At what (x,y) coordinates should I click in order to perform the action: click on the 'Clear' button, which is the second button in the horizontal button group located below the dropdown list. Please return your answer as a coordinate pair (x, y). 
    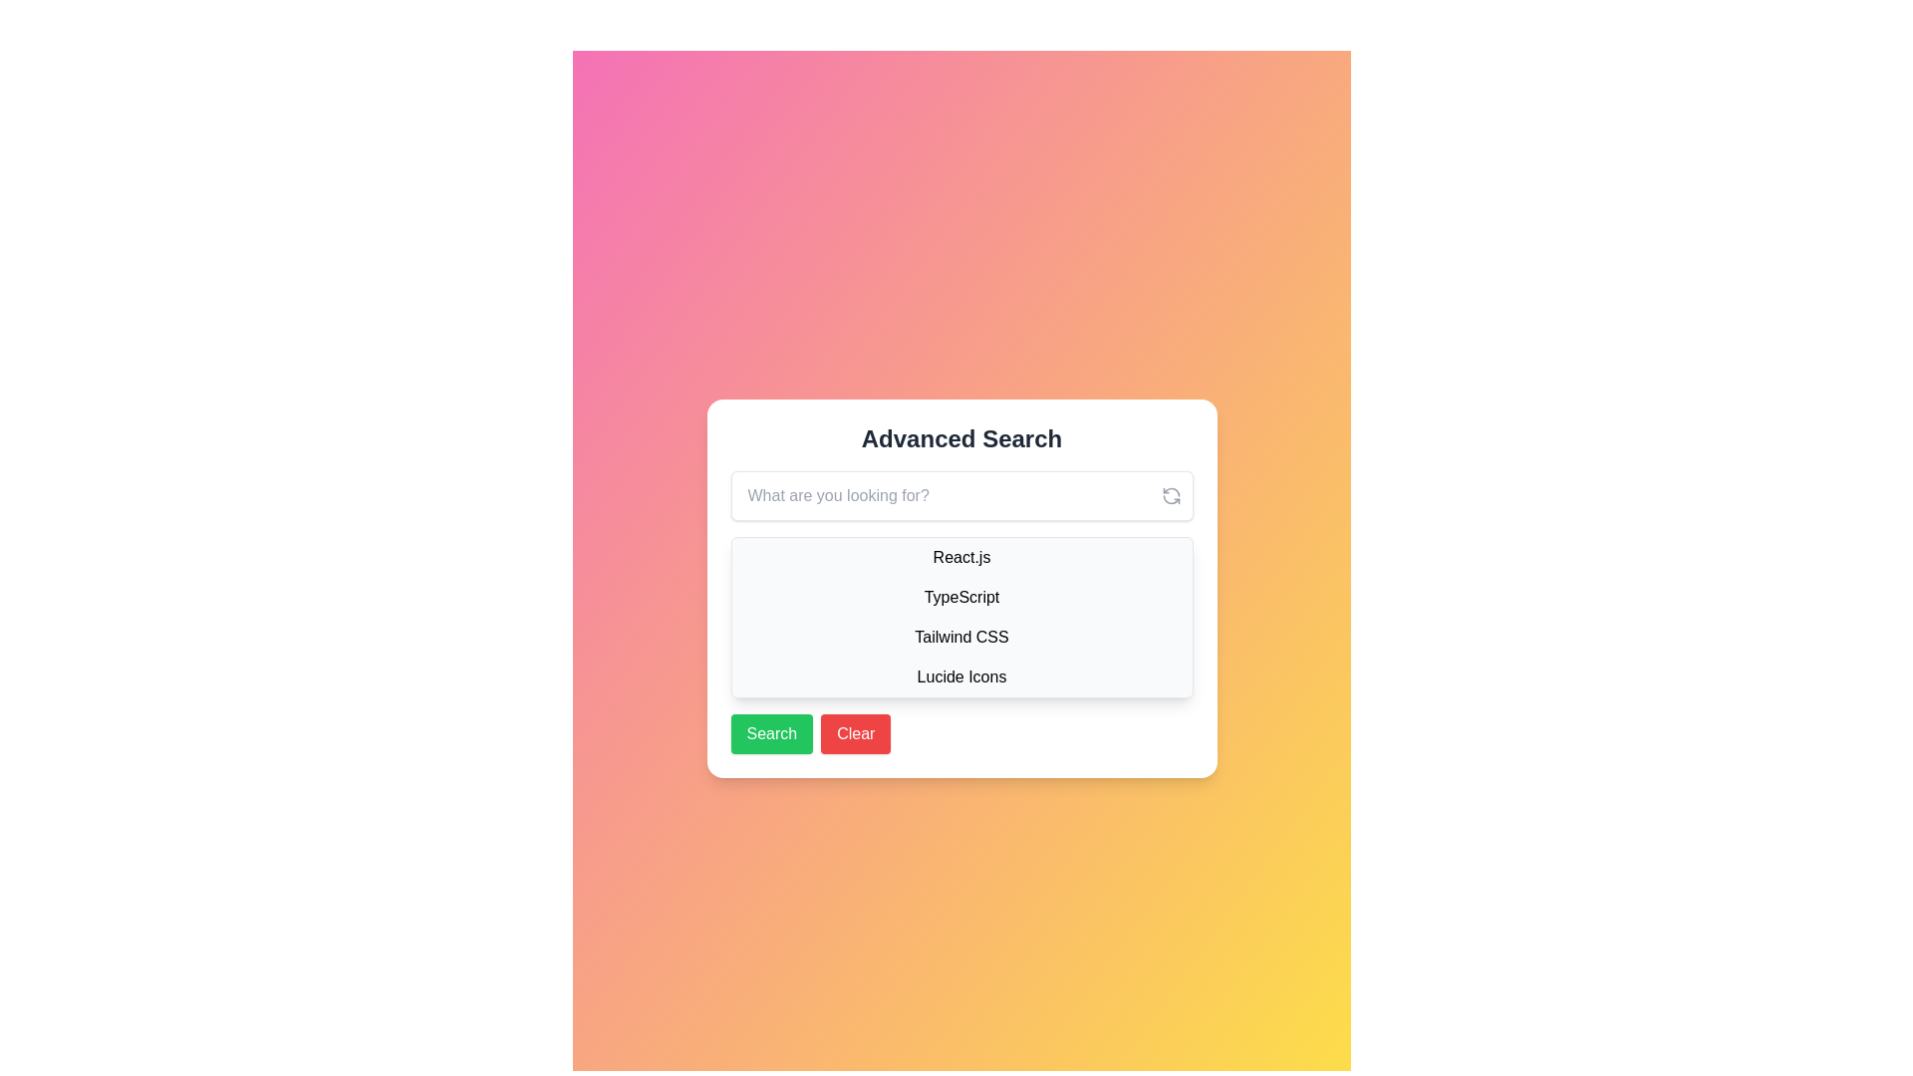
    Looking at the image, I should click on (856, 733).